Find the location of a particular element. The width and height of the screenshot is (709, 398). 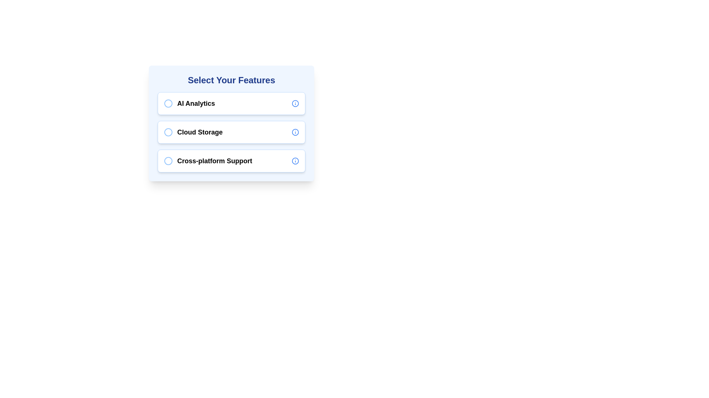

the circular icon representing the 'Cloud Storage' option in the feature list is located at coordinates (168, 132).